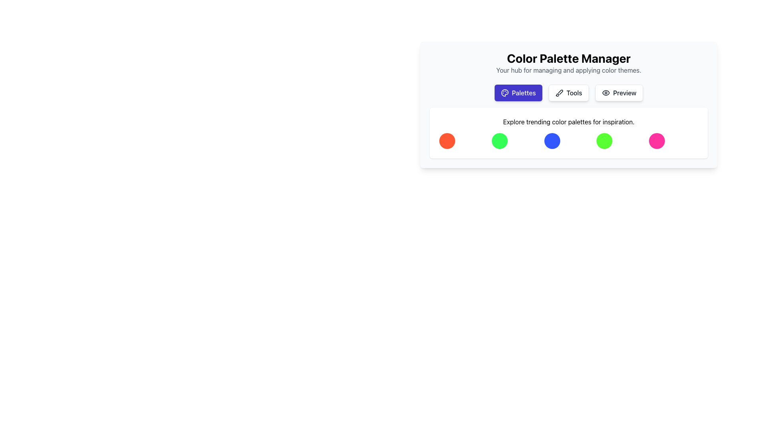 Image resolution: width=764 pixels, height=429 pixels. Describe the element at coordinates (568, 70) in the screenshot. I see `the static text element that serves as a descriptive subtitle for the 'Color Palette Manager' section, located immediately below the headline and centered within a light-colored box` at that location.